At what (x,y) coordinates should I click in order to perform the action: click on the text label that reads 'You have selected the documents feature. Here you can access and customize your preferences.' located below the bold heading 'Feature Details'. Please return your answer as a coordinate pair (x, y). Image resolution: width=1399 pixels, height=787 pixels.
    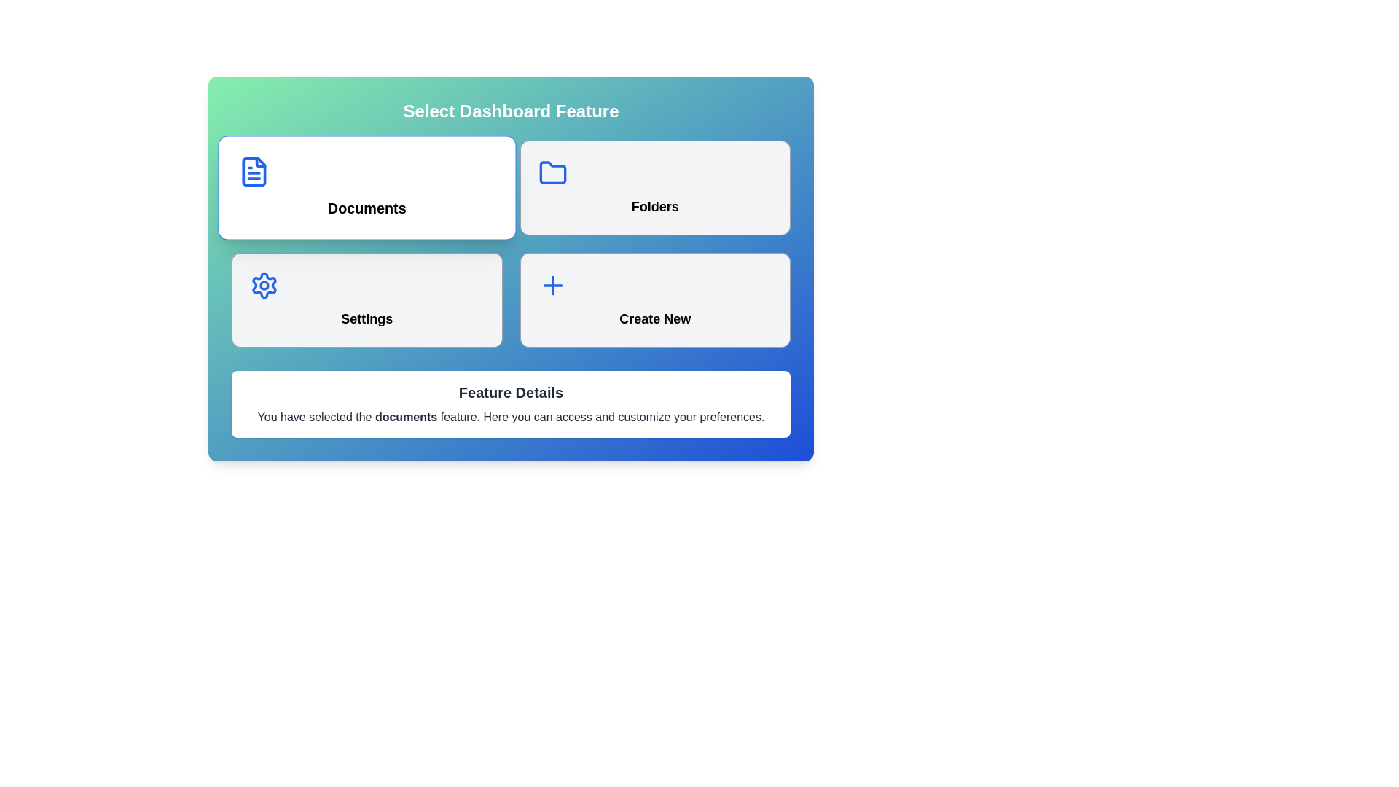
    Looking at the image, I should click on (511, 418).